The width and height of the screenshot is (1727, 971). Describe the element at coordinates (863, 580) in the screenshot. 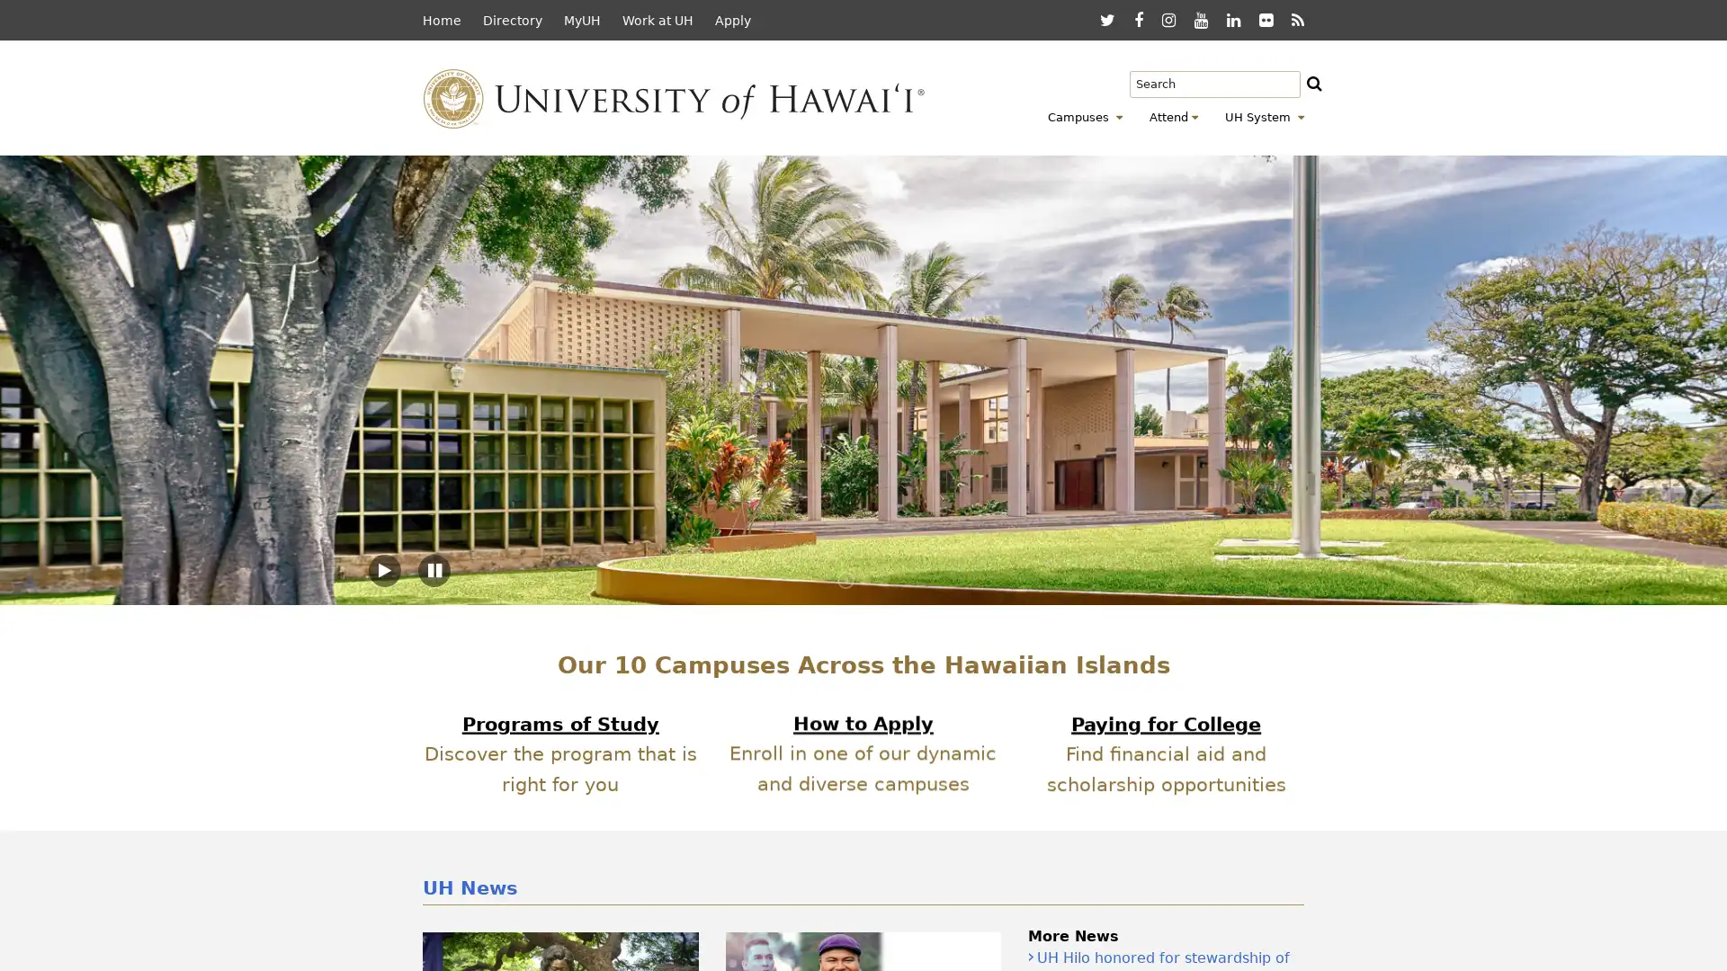

I see `go to slide number 2` at that location.